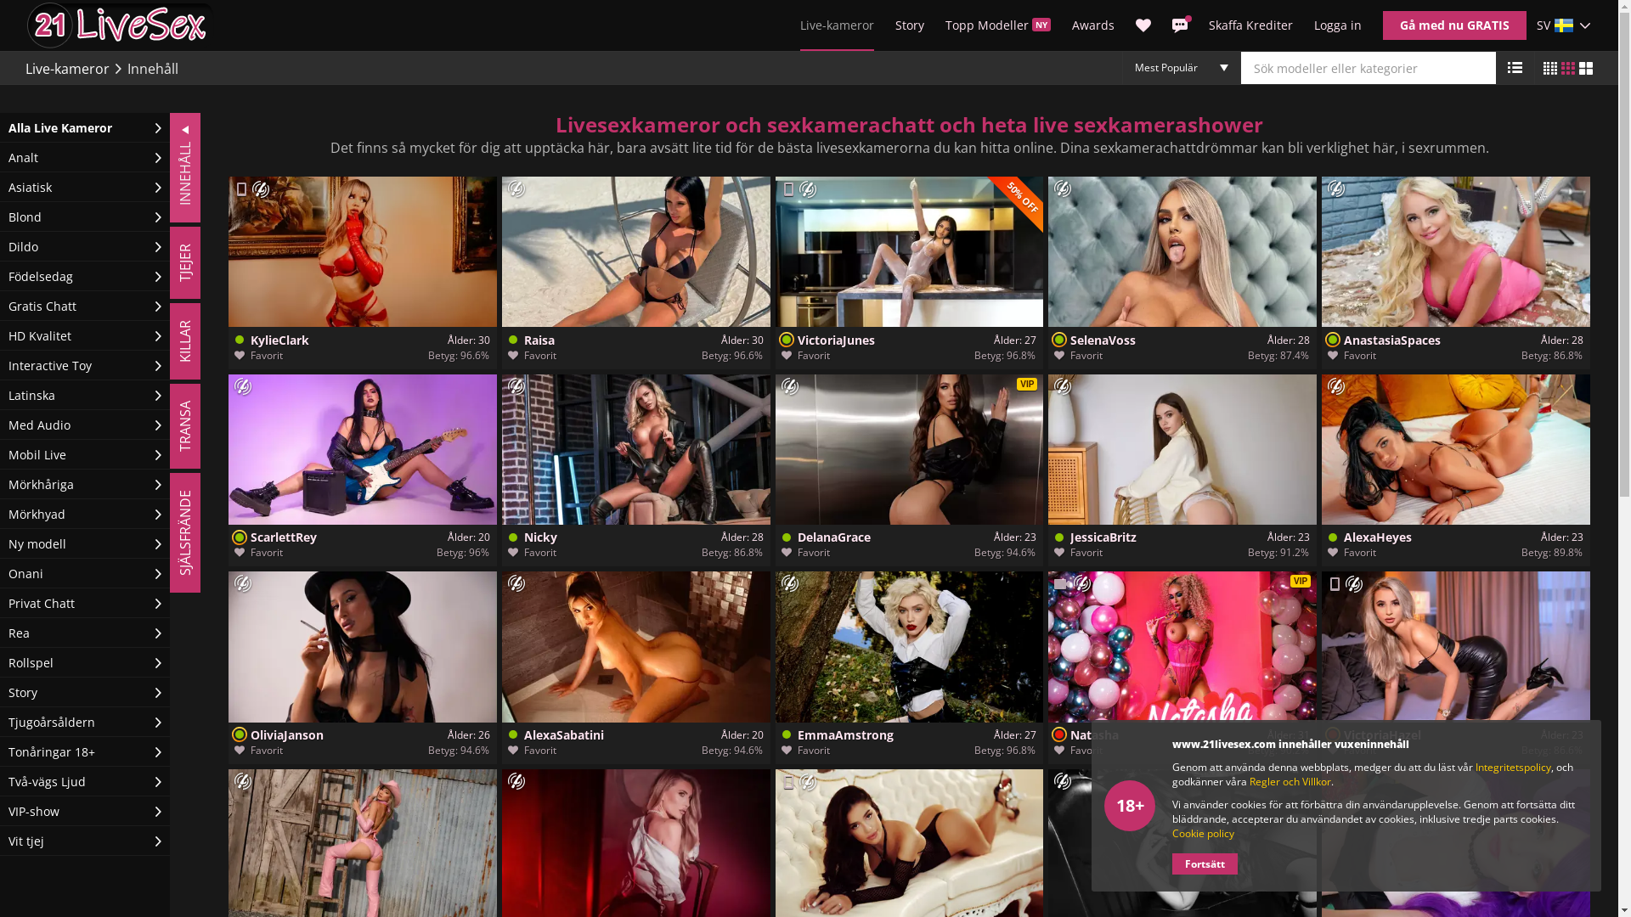 The height and width of the screenshot is (917, 1631). Describe the element at coordinates (1290, 781) in the screenshot. I see `'Regler och Villkor'` at that location.